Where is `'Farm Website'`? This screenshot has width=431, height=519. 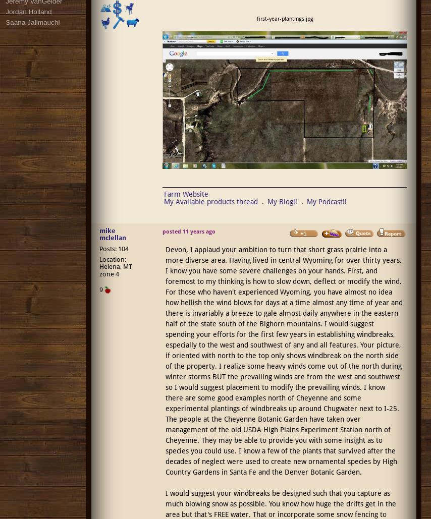 'Farm Website' is located at coordinates (164, 193).